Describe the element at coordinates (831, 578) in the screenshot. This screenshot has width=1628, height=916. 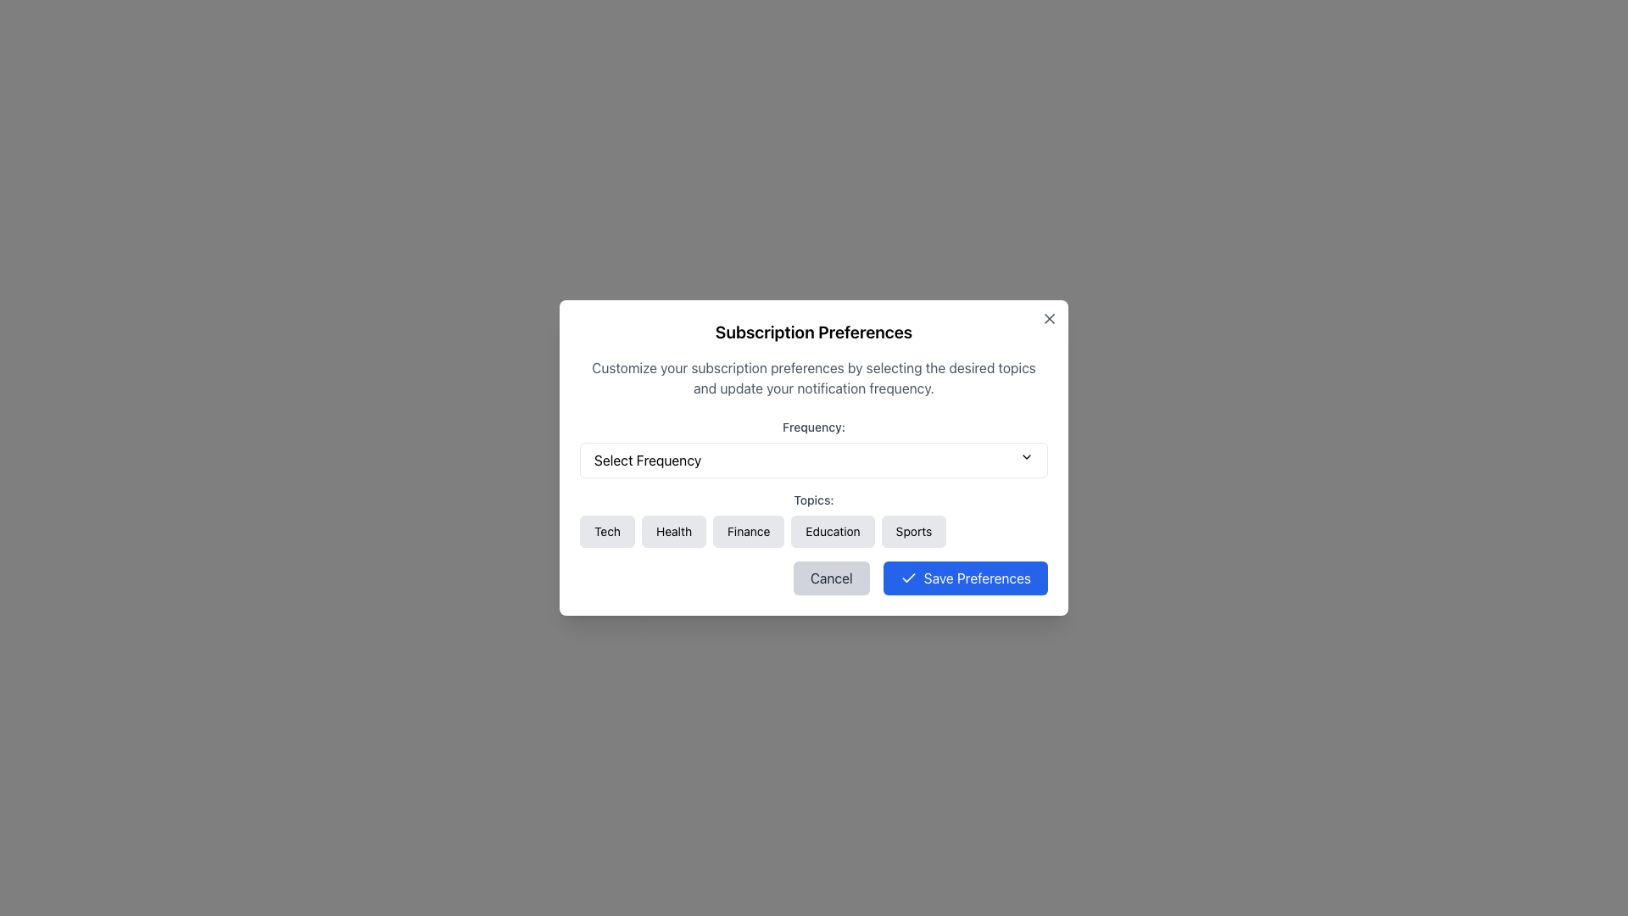
I see `the 'Cancel' button with a light gray background and rounded corners in the 'Subscription Preferences' dialog` at that location.